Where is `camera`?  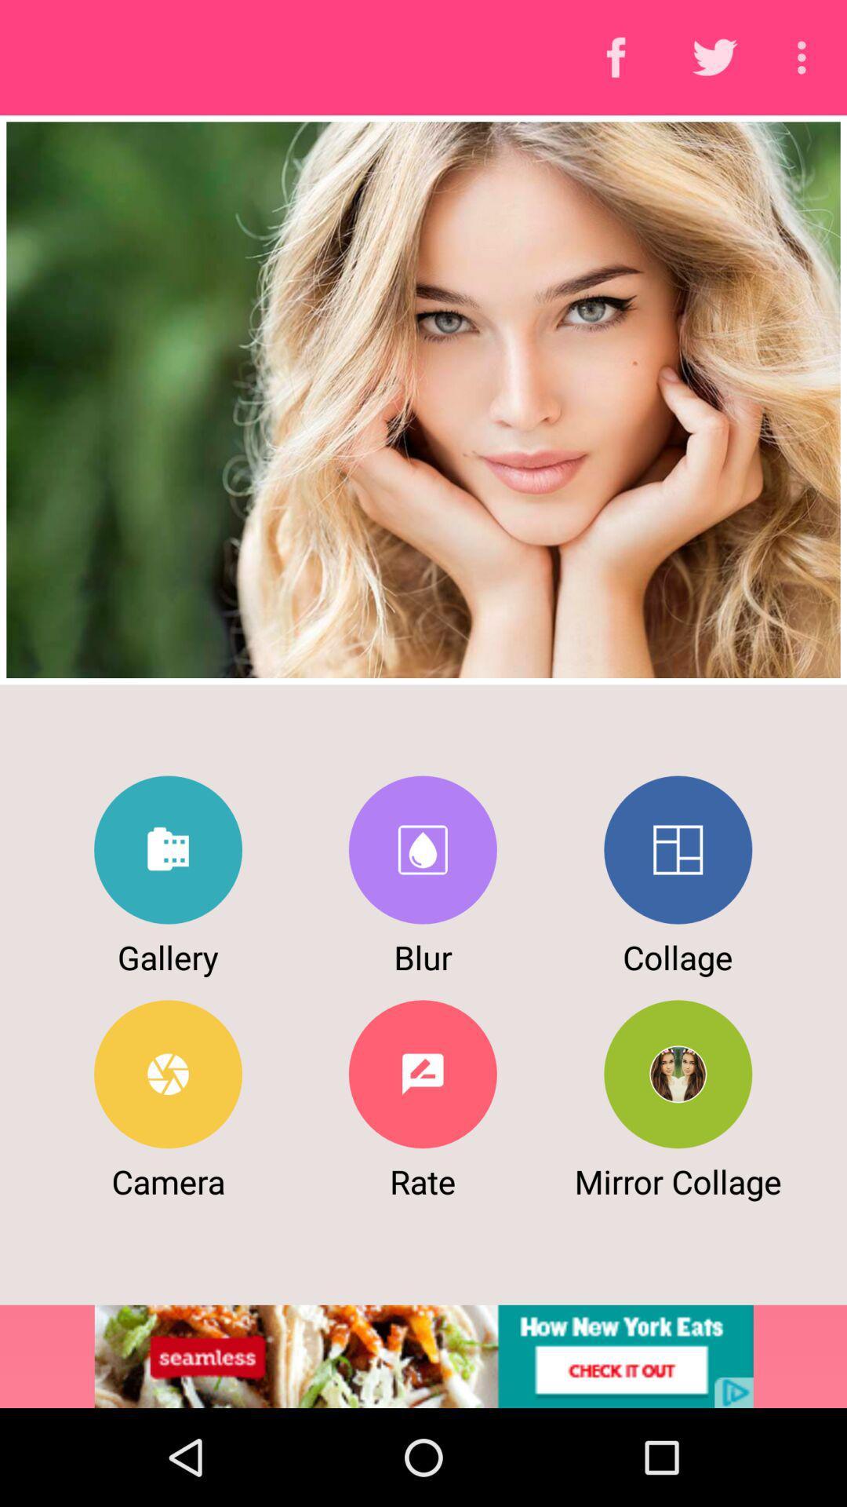
camera is located at coordinates (168, 1073).